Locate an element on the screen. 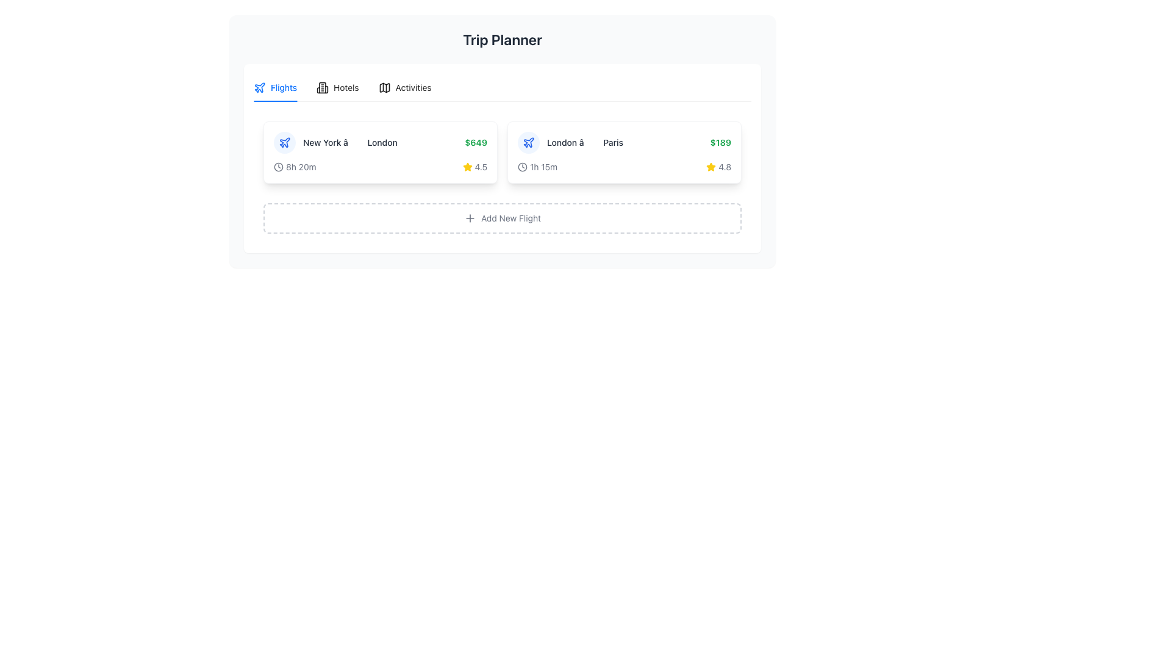 The height and width of the screenshot is (659, 1171). the 'Activities' tab, which is the third tab in the horizontal navigation bar is located at coordinates (404, 87).